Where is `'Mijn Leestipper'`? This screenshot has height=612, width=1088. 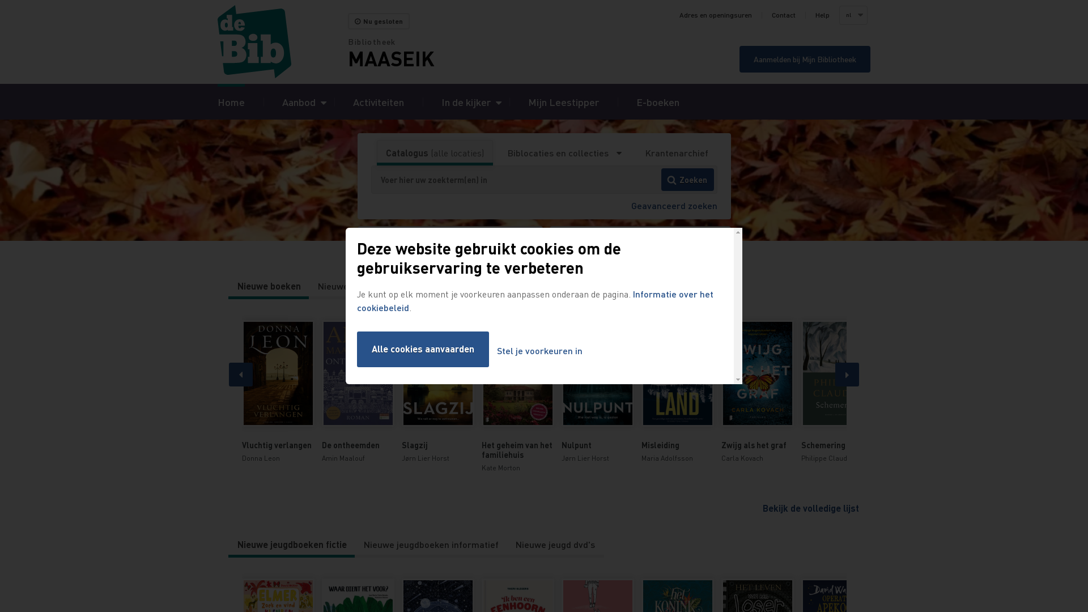 'Mijn Leestipper' is located at coordinates (563, 101).